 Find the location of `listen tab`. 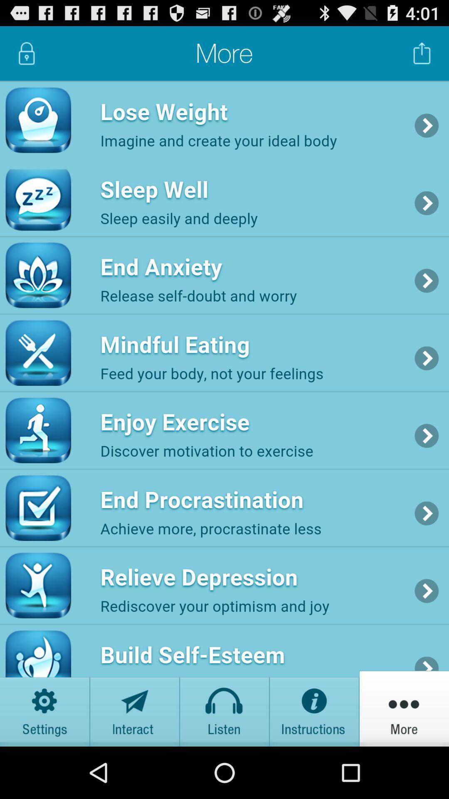

listen tab is located at coordinates (224, 708).